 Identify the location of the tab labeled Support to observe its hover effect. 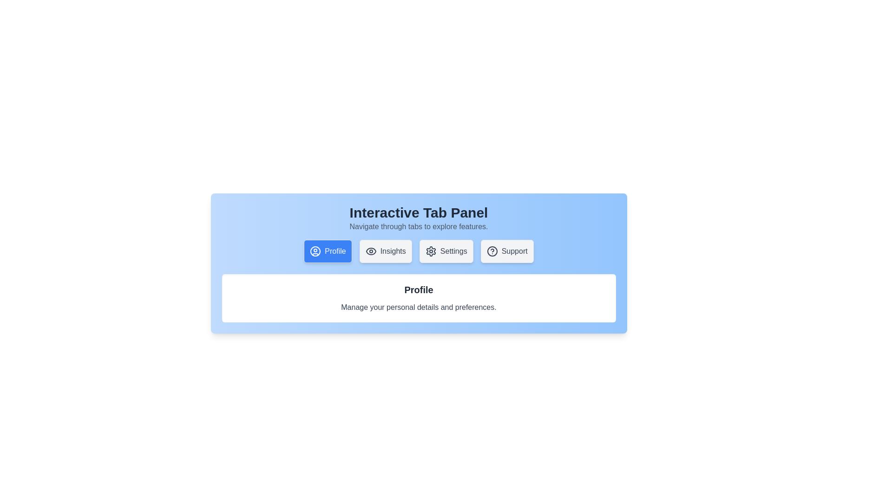
(506, 251).